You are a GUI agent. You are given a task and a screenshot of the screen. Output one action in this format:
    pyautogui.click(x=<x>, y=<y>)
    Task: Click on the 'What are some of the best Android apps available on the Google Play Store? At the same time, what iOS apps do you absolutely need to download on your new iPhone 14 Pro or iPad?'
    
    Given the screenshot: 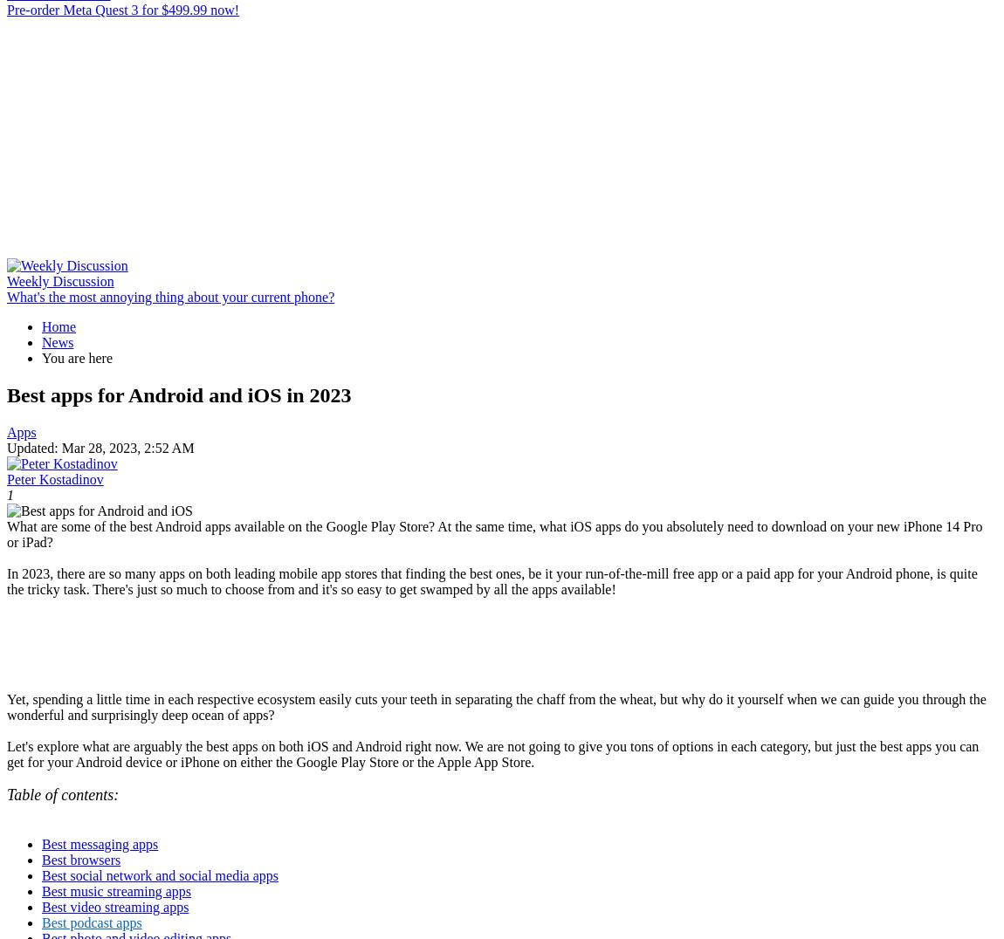 What is the action you would take?
    pyautogui.click(x=494, y=533)
    